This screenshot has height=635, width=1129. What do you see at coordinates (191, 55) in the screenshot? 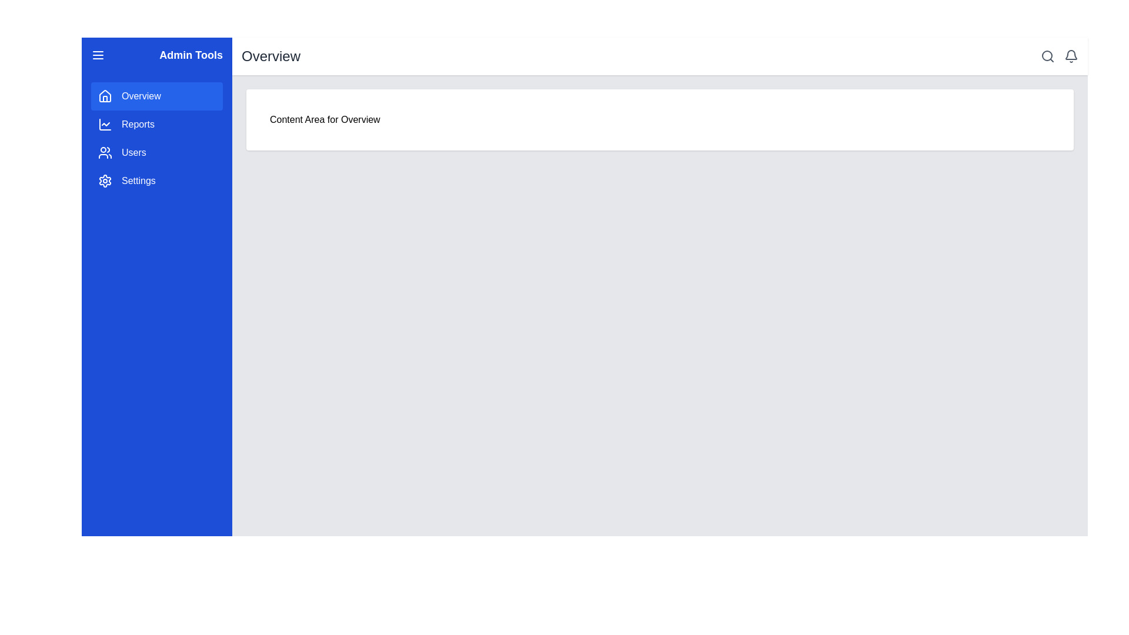
I see `the static label or header text located at the top left of the blue sidebar header, which indicates the current section or context` at bounding box center [191, 55].